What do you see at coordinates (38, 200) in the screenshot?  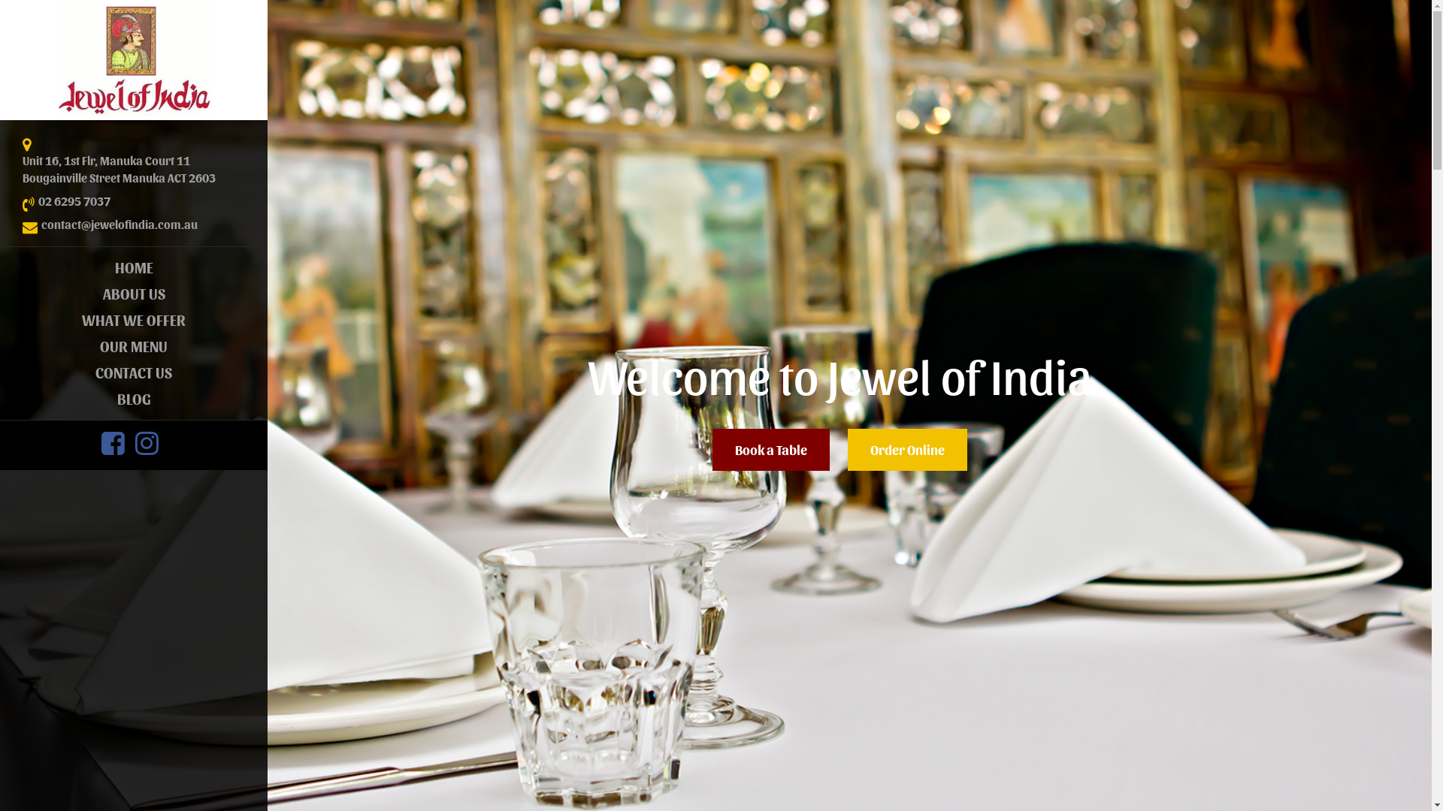 I see `'02 6295 7037'` at bounding box center [38, 200].